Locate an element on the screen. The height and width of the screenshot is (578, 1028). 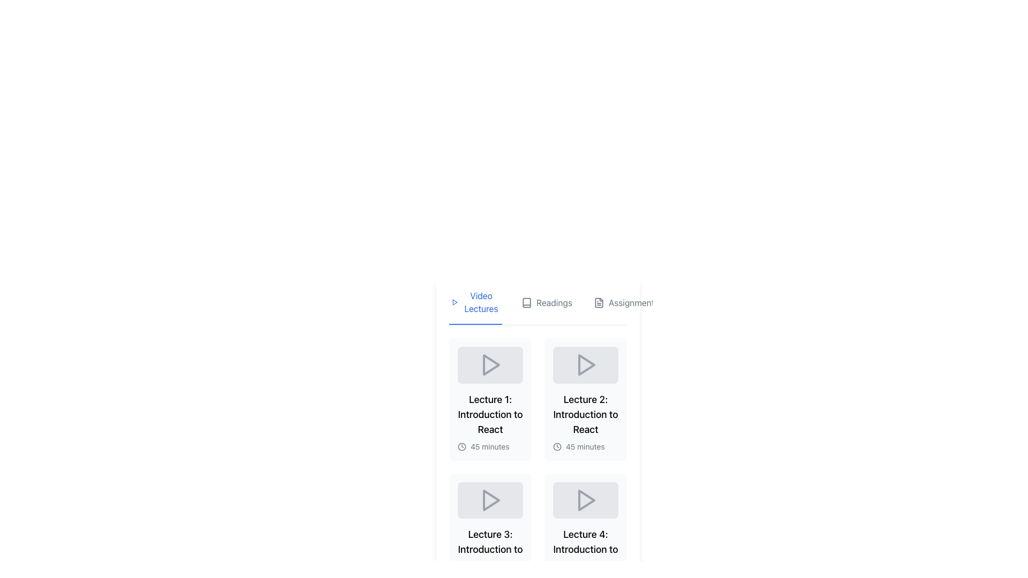
the play button located in the third lecture card of the video lectures grid layout is located at coordinates (490, 499).